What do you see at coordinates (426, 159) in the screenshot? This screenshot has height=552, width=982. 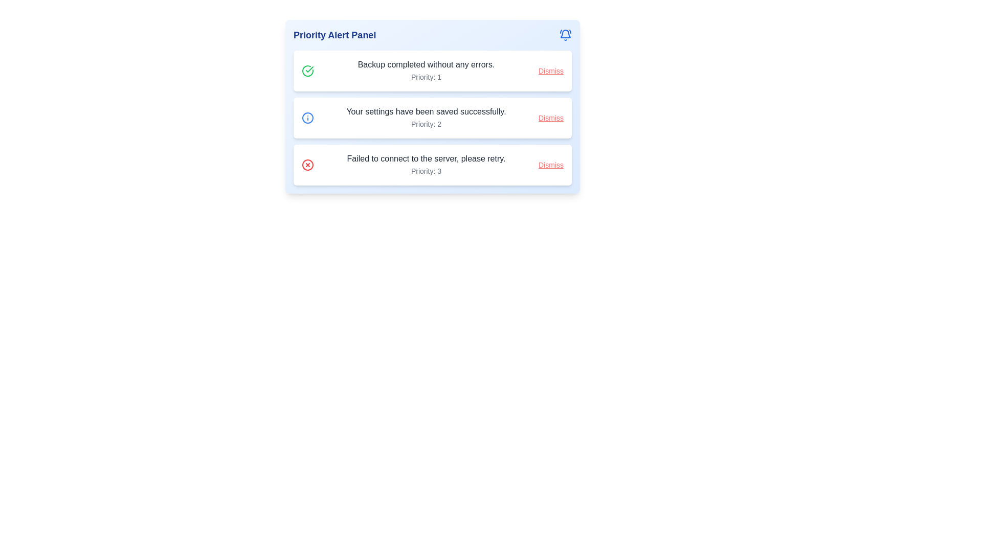 I see `the static text label reading 'Failed to connect to the server, please retry.' which is the topmost text of the third alert in the vertical list of notifications` at bounding box center [426, 159].